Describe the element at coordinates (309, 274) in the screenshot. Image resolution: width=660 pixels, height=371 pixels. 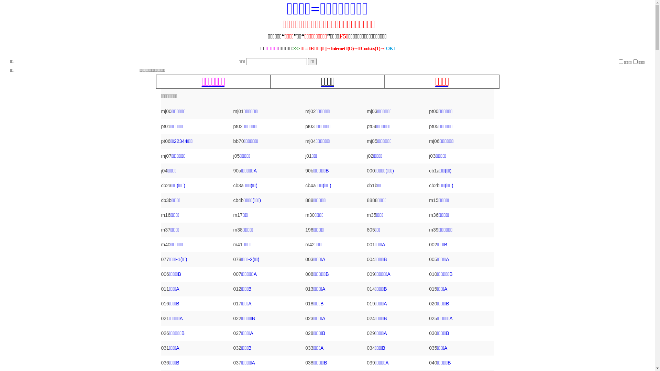
I see `'008'` at that location.